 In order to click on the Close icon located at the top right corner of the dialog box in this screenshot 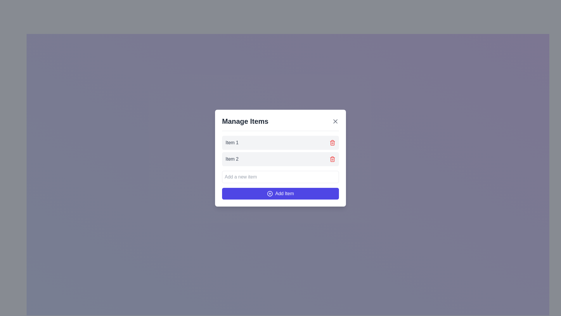, I will do `click(335, 121)`.